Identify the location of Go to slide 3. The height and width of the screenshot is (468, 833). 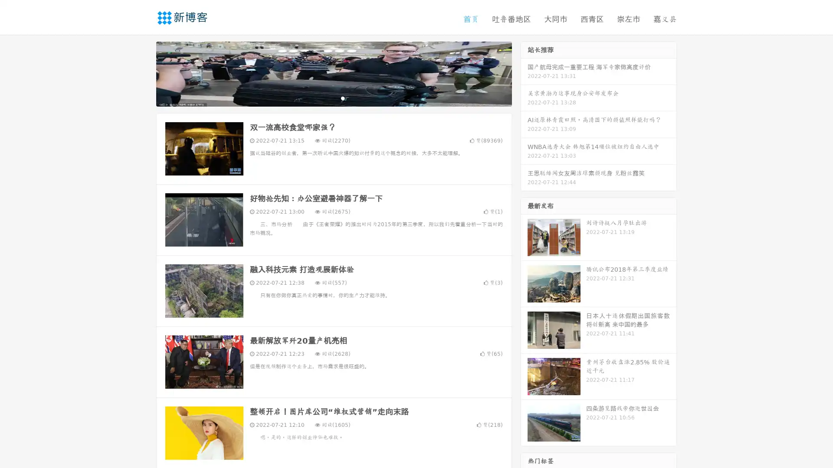
(342, 97).